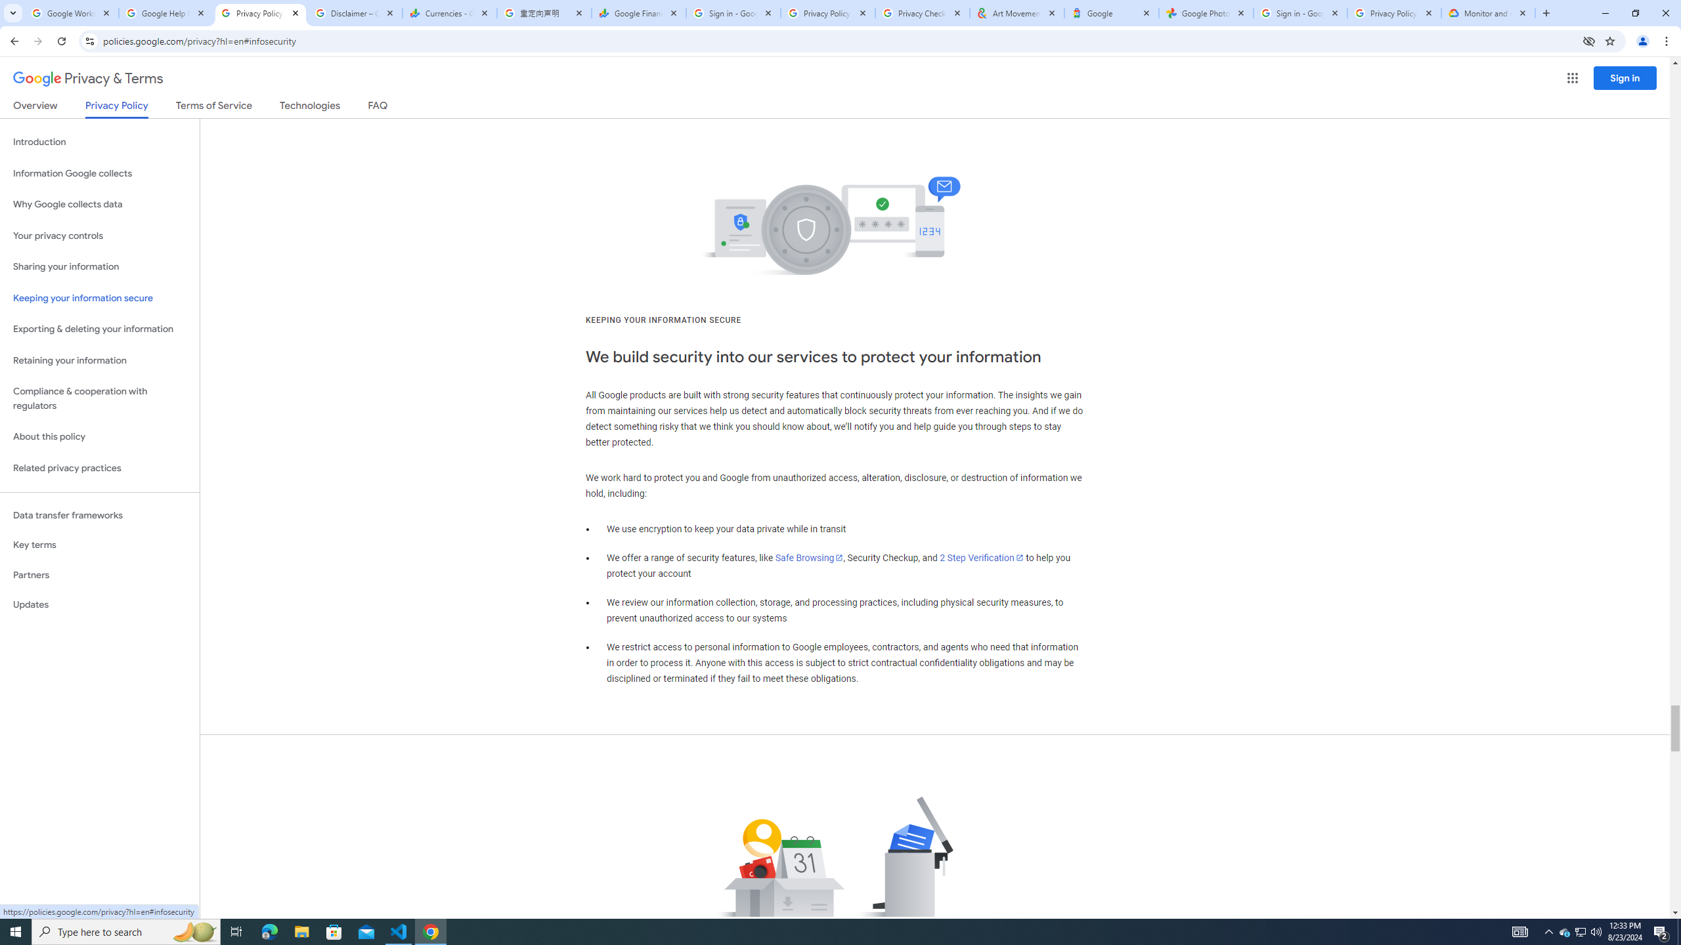  I want to click on 'Sign in - Google Accounts', so click(1300, 12).